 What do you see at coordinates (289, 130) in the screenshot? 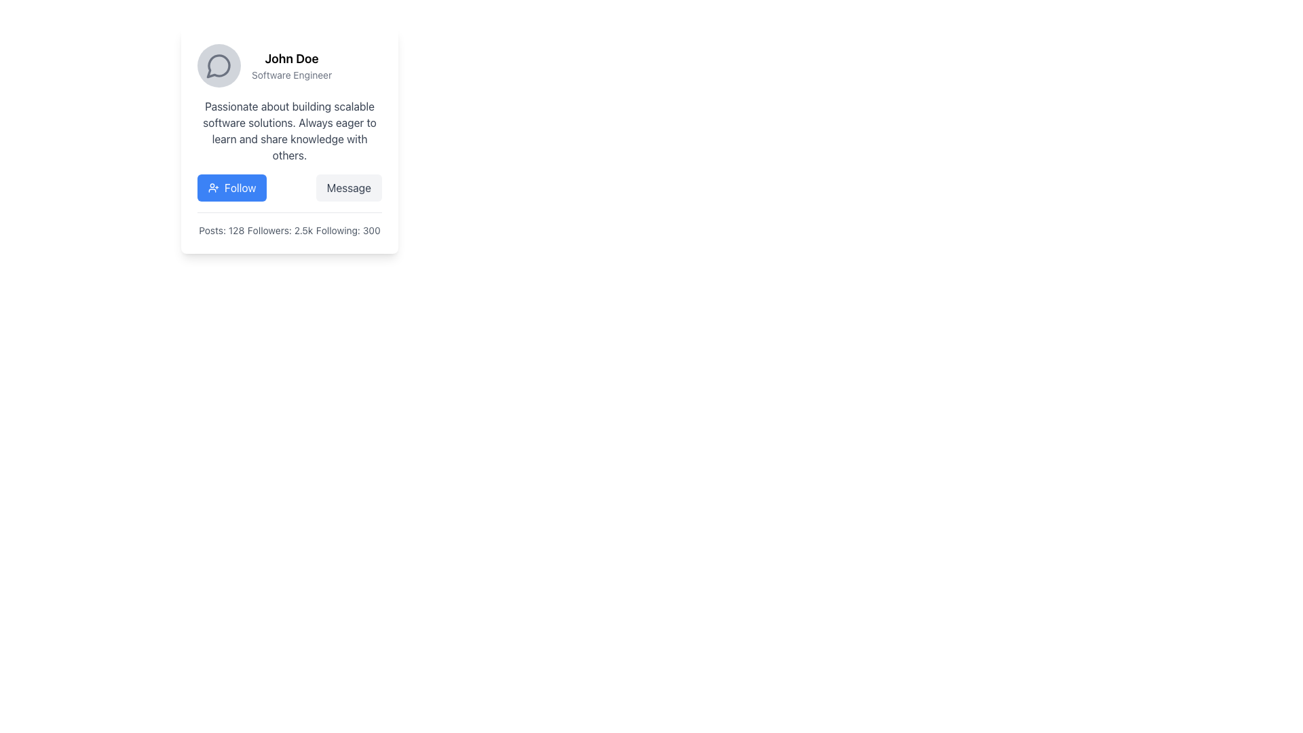
I see `the Text Block that displays descriptive information about an individual, positioned centrally within the card, below the name and title and above action buttons` at bounding box center [289, 130].